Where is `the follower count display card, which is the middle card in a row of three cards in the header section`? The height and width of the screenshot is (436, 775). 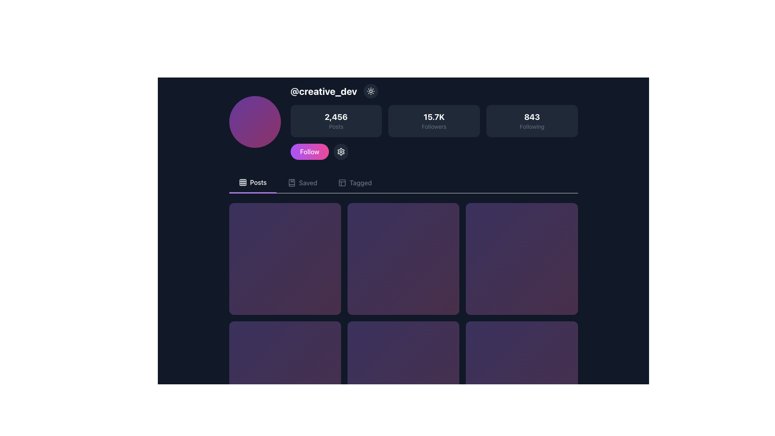 the follower count display card, which is the middle card in a row of three cards in the header section is located at coordinates (434, 122).